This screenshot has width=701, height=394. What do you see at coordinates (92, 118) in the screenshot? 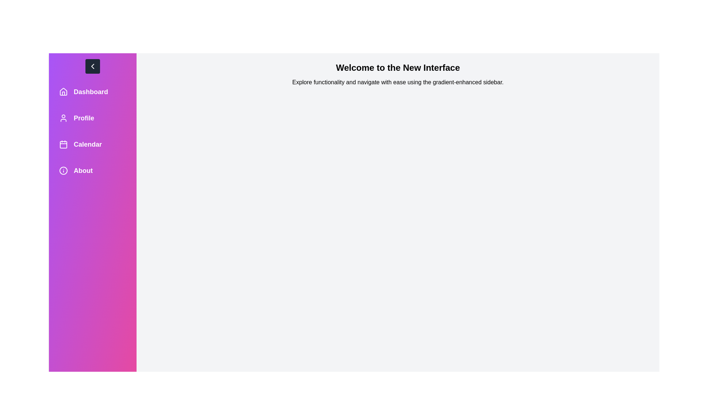
I see `the menu item labeled Profile to navigate to the corresponding section` at bounding box center [92, 118].